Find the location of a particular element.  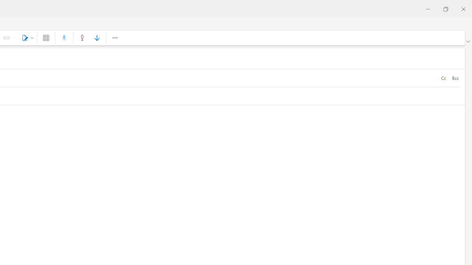

'Apps' is located at coordinates (45, 38).